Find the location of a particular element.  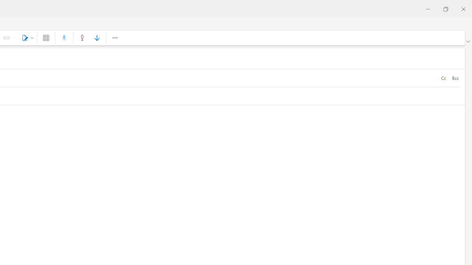

'Apps' is located at coordinates (45, 38).